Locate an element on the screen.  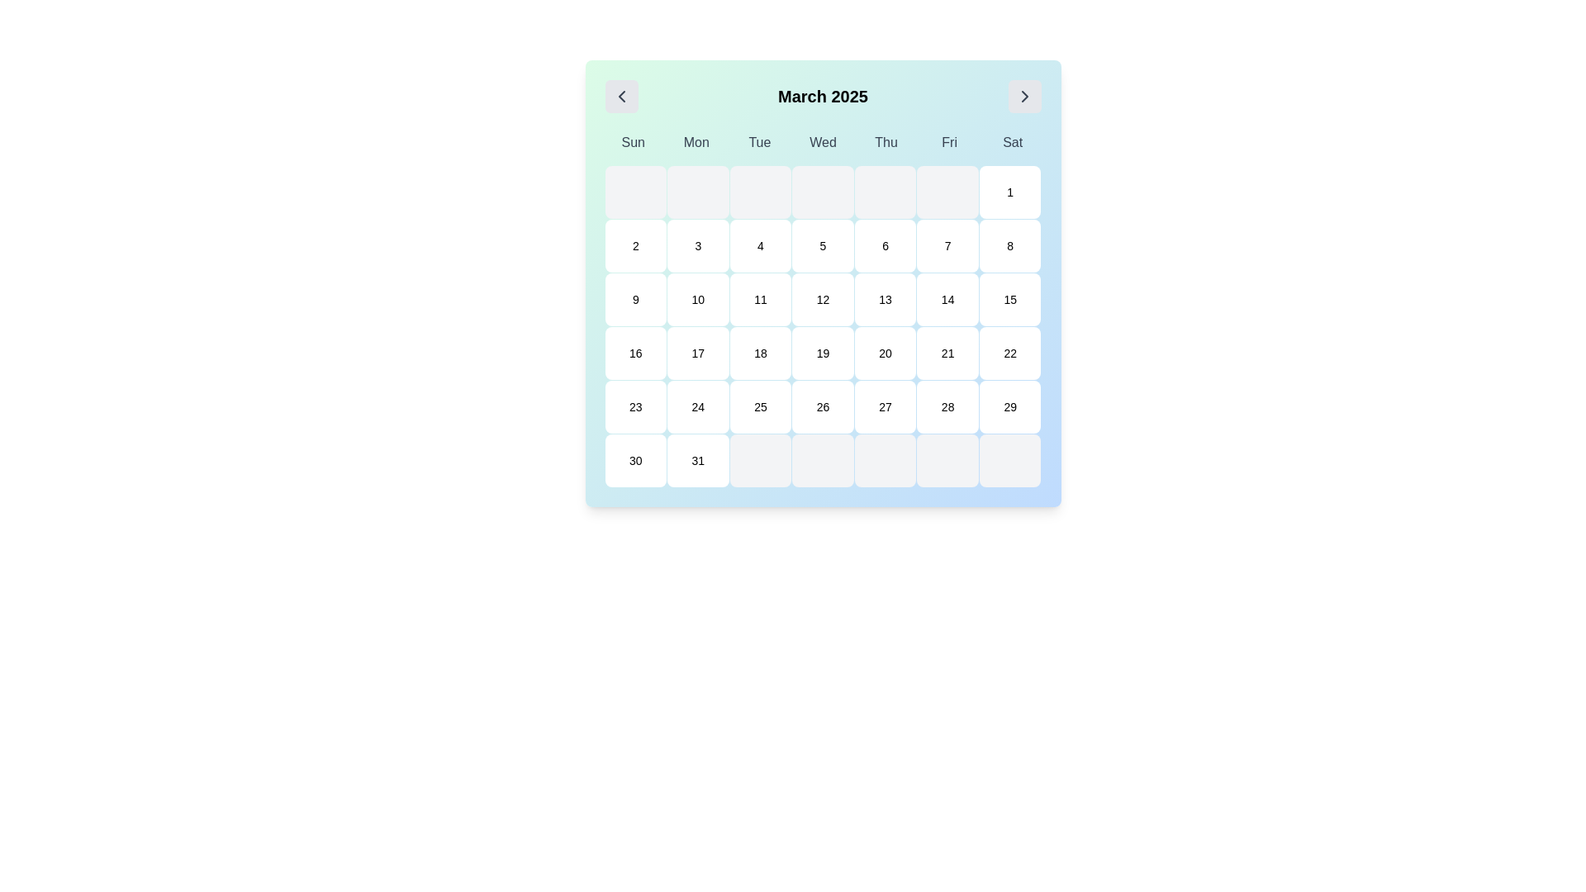
the button representing the date '18' in the calendar interface located in the fifth row, third column of the grid is located at coordinates (759, 353).